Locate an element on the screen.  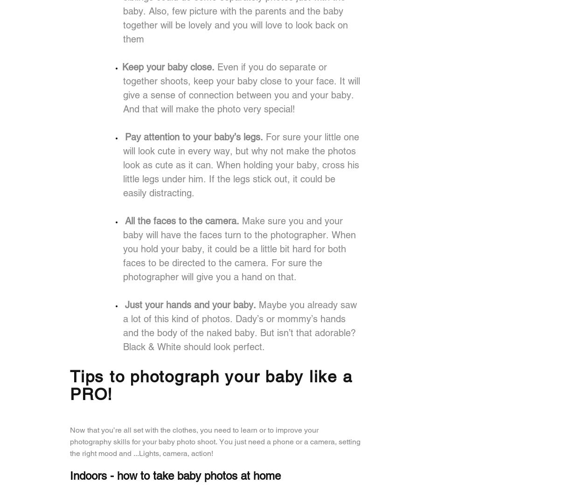
'All the faces to the camera.' is located at coordinates (125, 220).